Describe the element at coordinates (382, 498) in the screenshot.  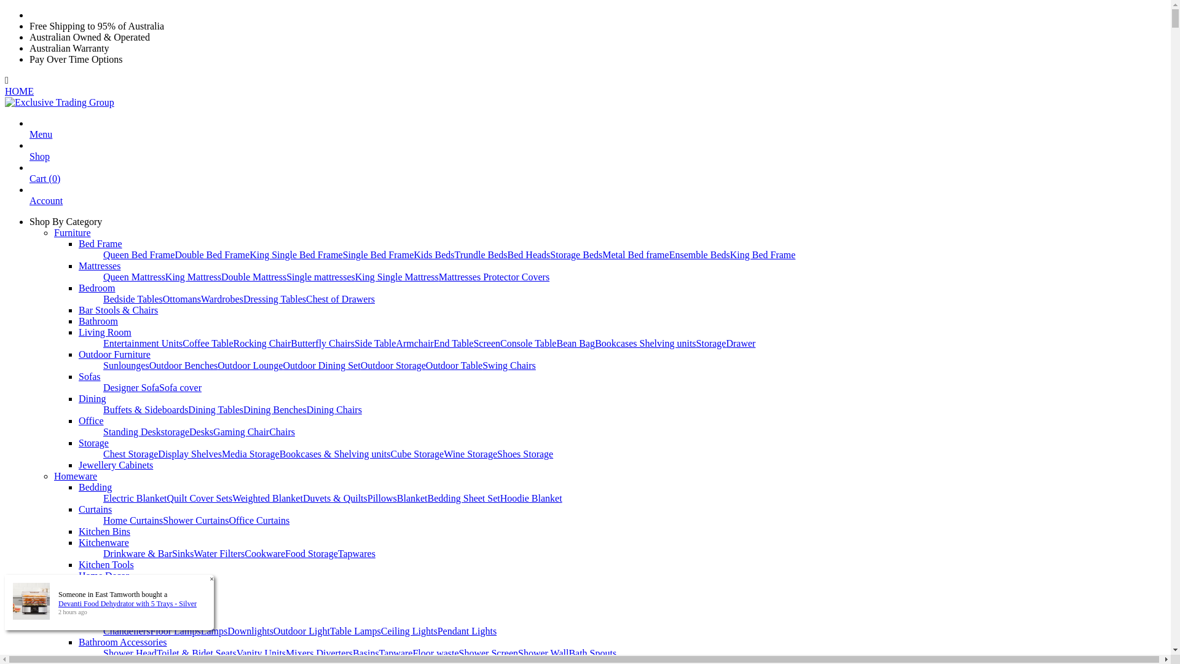
I see `'Pillows'` at that location.